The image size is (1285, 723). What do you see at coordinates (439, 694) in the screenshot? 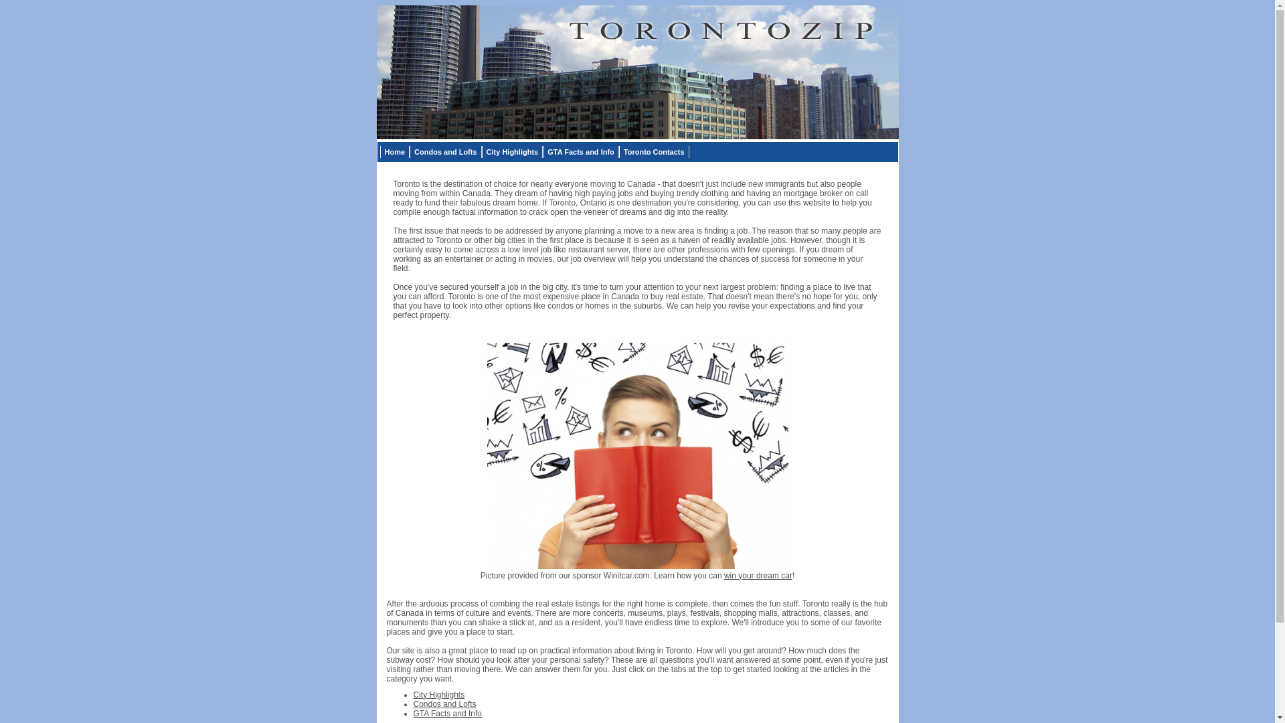
I see `'City Highlights'` at bounding box center [439, 694].